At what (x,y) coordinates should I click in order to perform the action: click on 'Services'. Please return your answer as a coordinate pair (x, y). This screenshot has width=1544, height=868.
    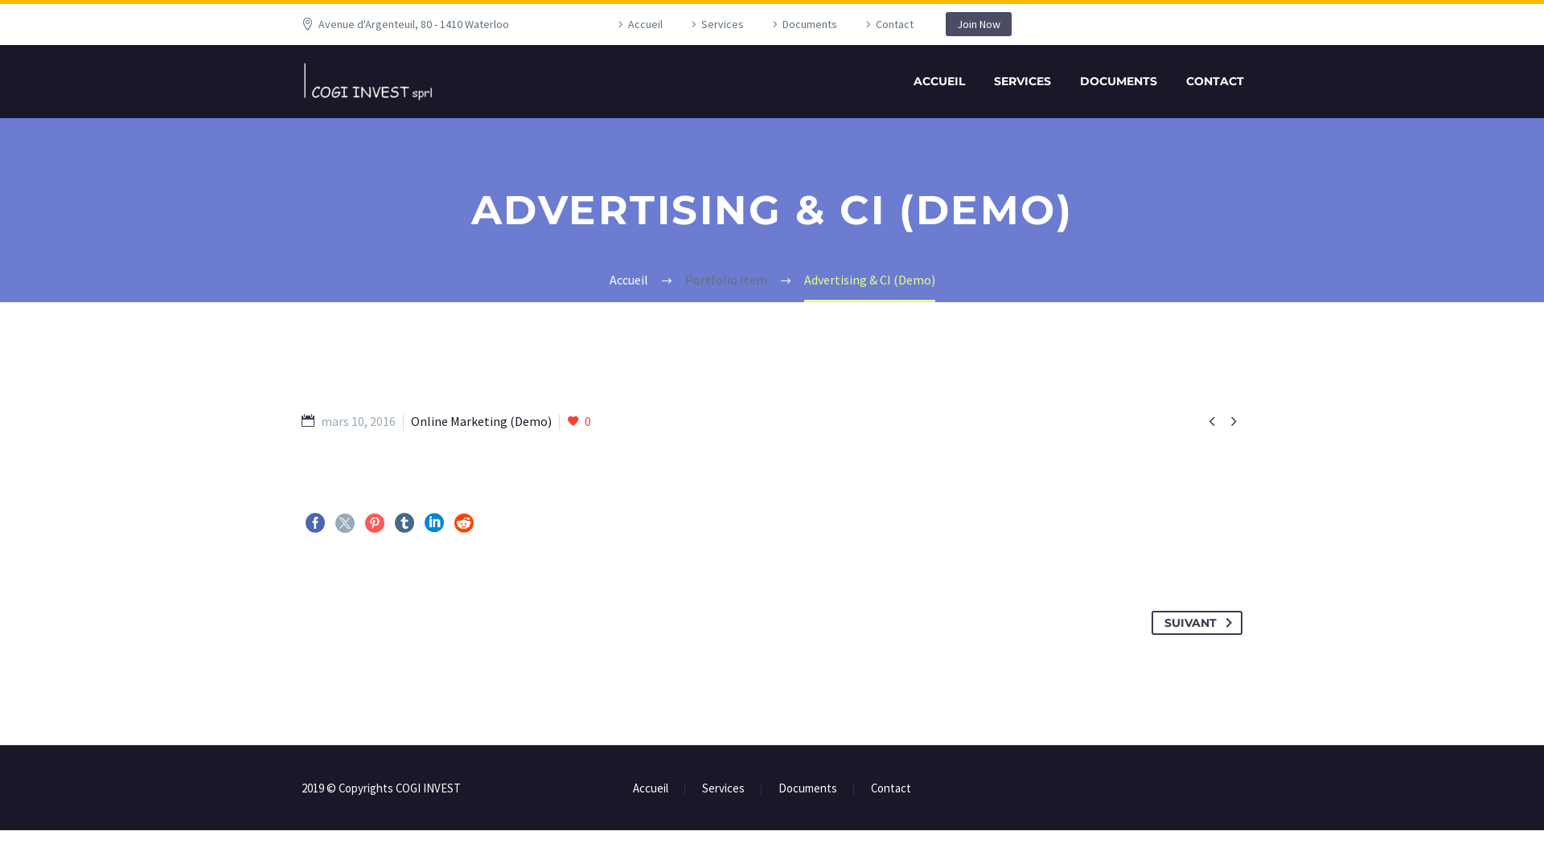
    Looking at the image, I should click on (702, 788).